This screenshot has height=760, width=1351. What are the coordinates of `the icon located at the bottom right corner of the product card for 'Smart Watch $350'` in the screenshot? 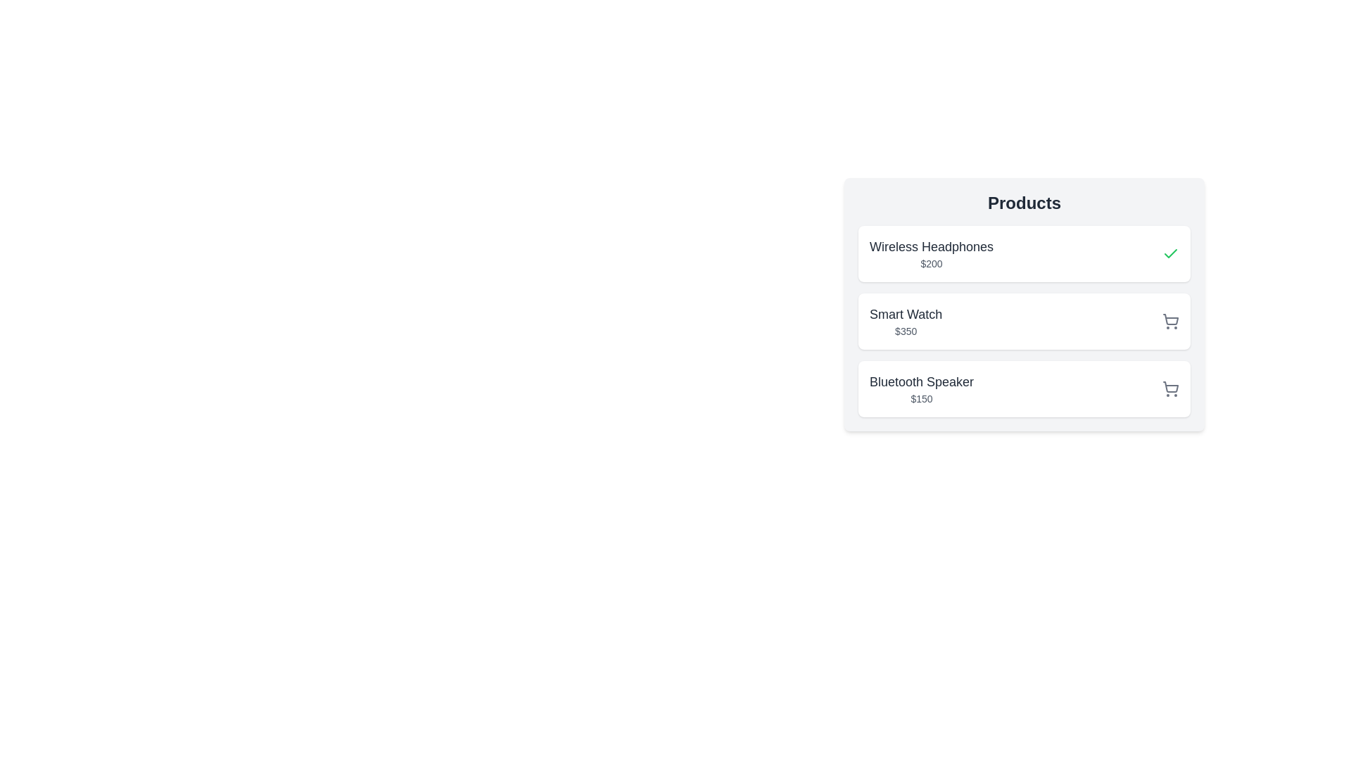 It's located at (1171, 321).